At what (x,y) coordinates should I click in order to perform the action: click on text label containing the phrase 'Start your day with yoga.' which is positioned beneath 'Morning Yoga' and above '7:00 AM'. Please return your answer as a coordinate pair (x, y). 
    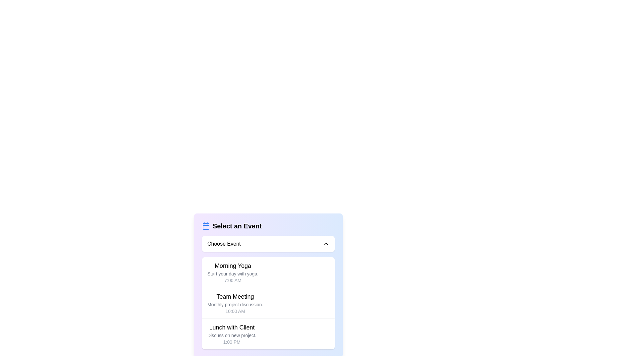
    Looking at the image, I should click on (233, 273).